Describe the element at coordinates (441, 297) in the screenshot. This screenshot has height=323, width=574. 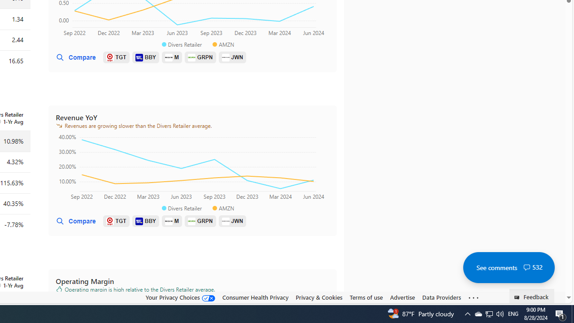
I see `'Data Providers'` at that location.